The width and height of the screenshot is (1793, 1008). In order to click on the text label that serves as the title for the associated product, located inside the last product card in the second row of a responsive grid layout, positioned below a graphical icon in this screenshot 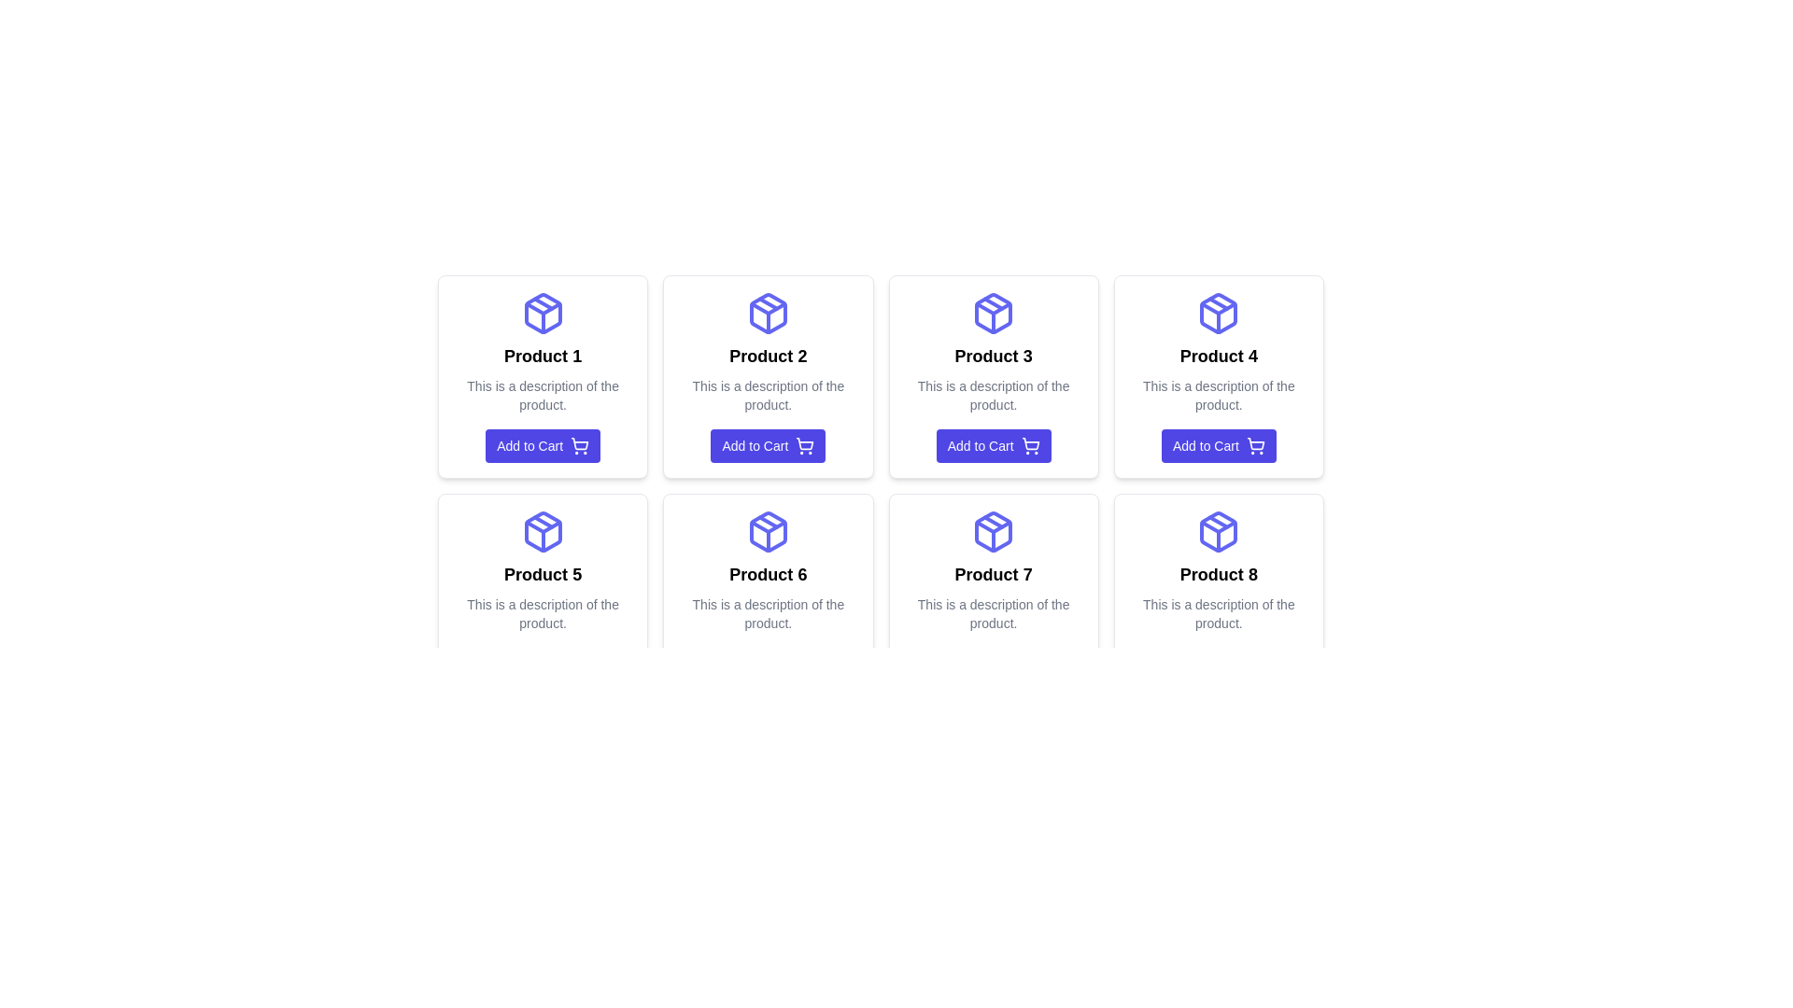, I will do `click(1219, 574)`.